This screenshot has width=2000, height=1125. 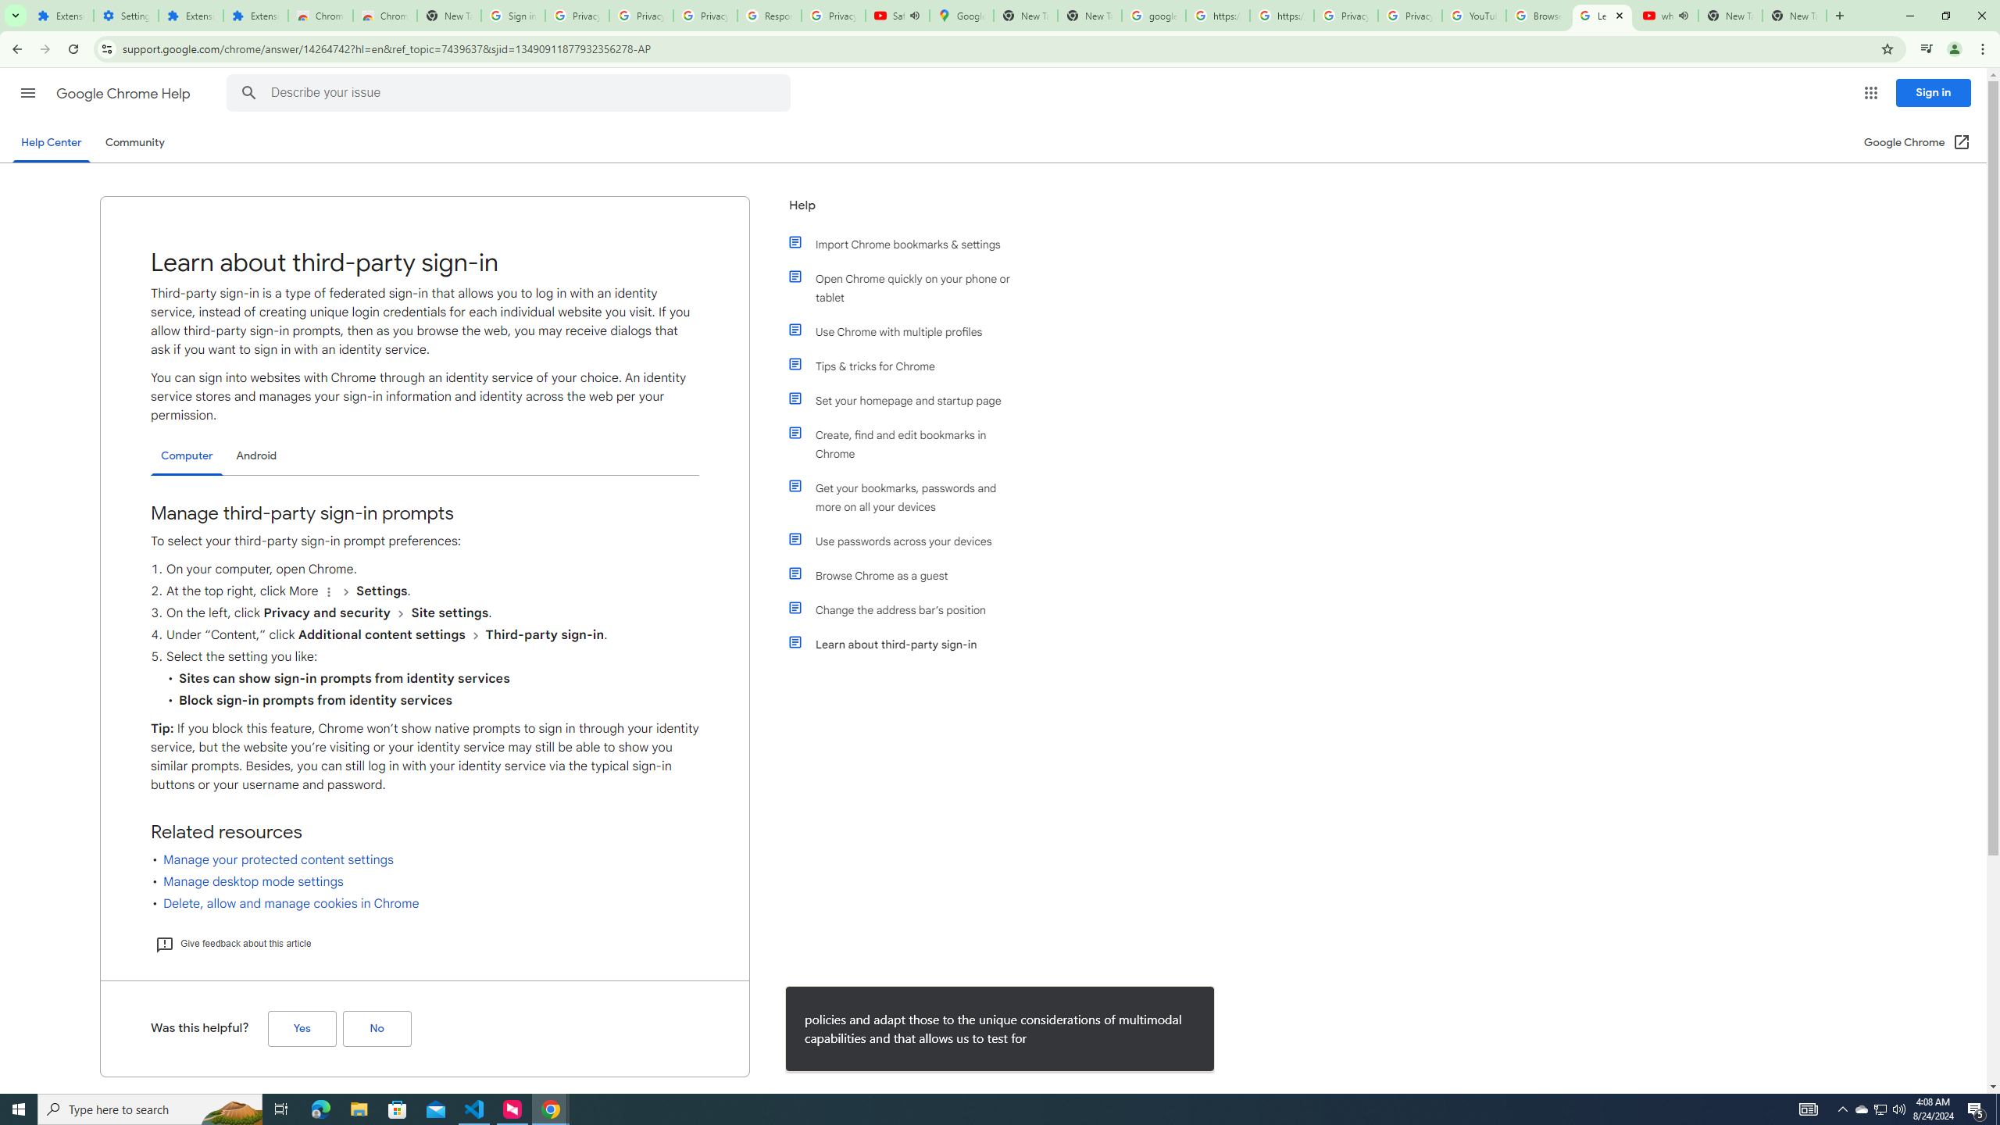 I want to click on 'Control your music, videos, and more', so click(x=1927, y=48).